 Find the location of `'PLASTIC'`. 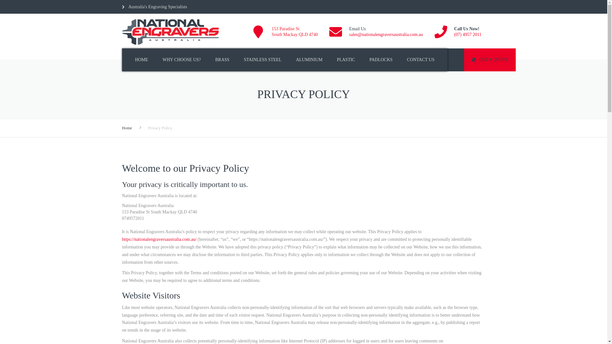

'PLASTIC' is located at coordinates (346, 60).